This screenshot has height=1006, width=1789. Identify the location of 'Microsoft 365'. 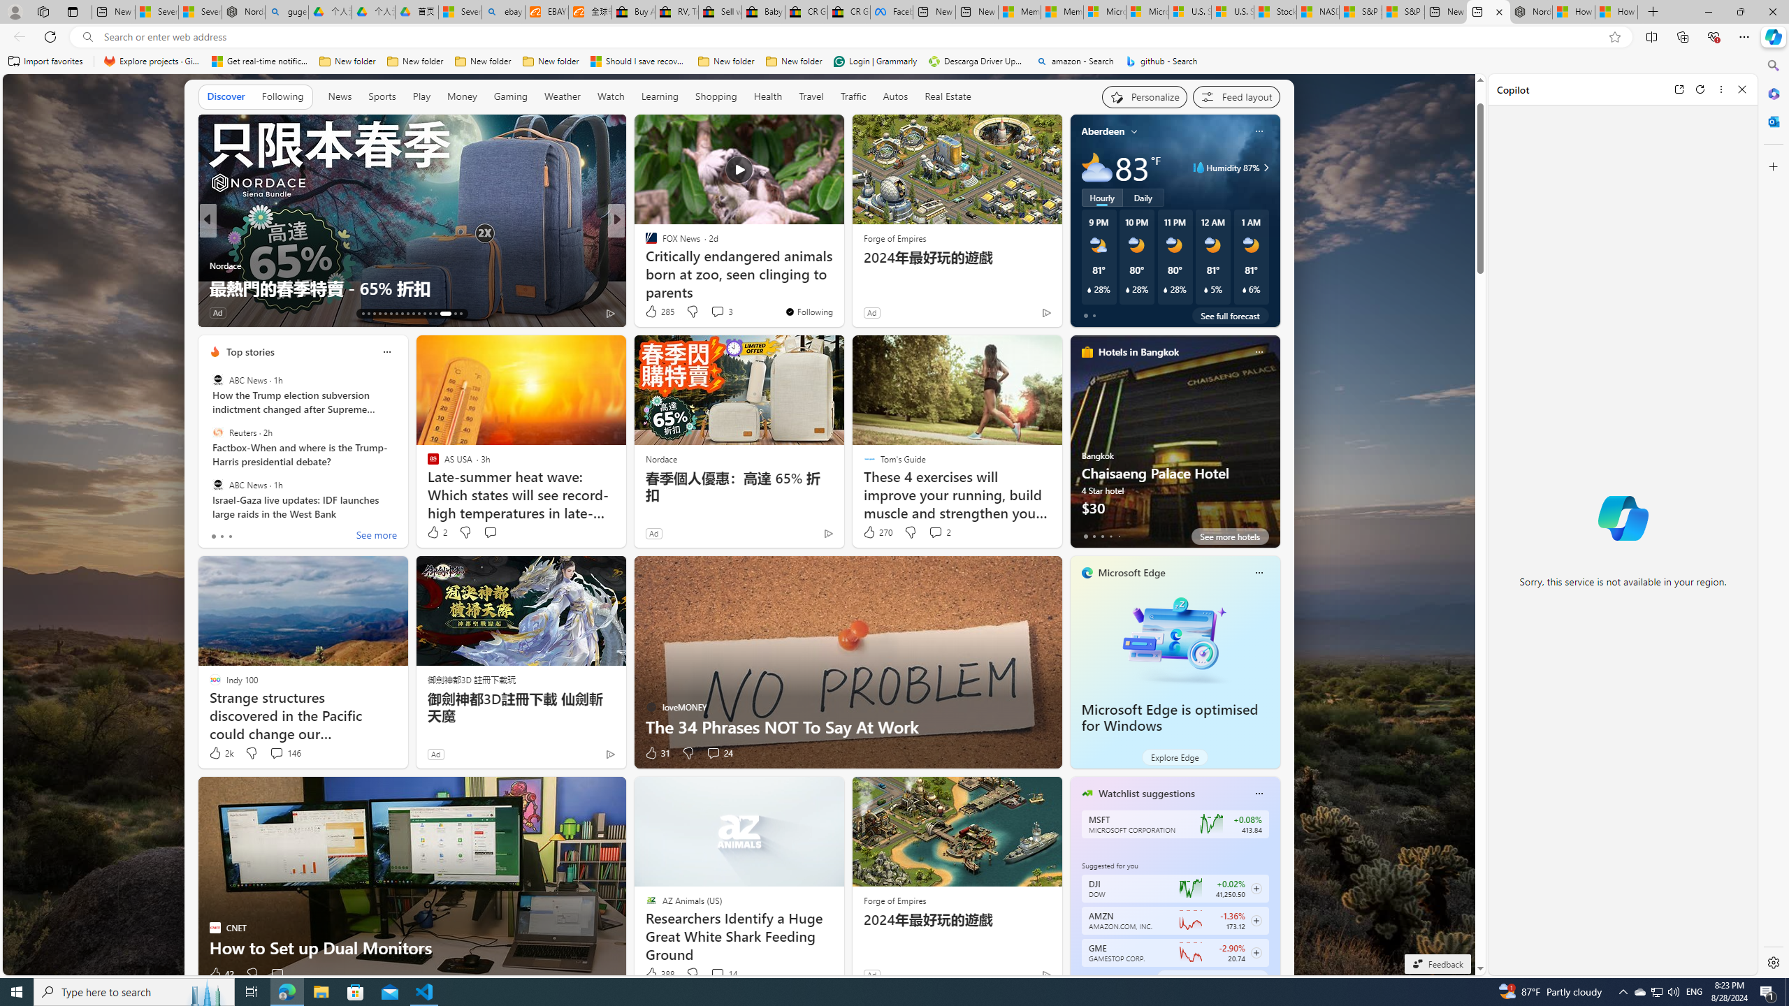
(1772, 94).